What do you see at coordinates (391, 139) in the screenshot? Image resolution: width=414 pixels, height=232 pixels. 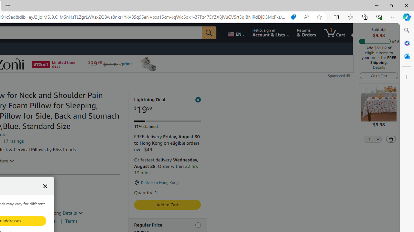 I see `'Delete'` at bounding box center [391, 139].